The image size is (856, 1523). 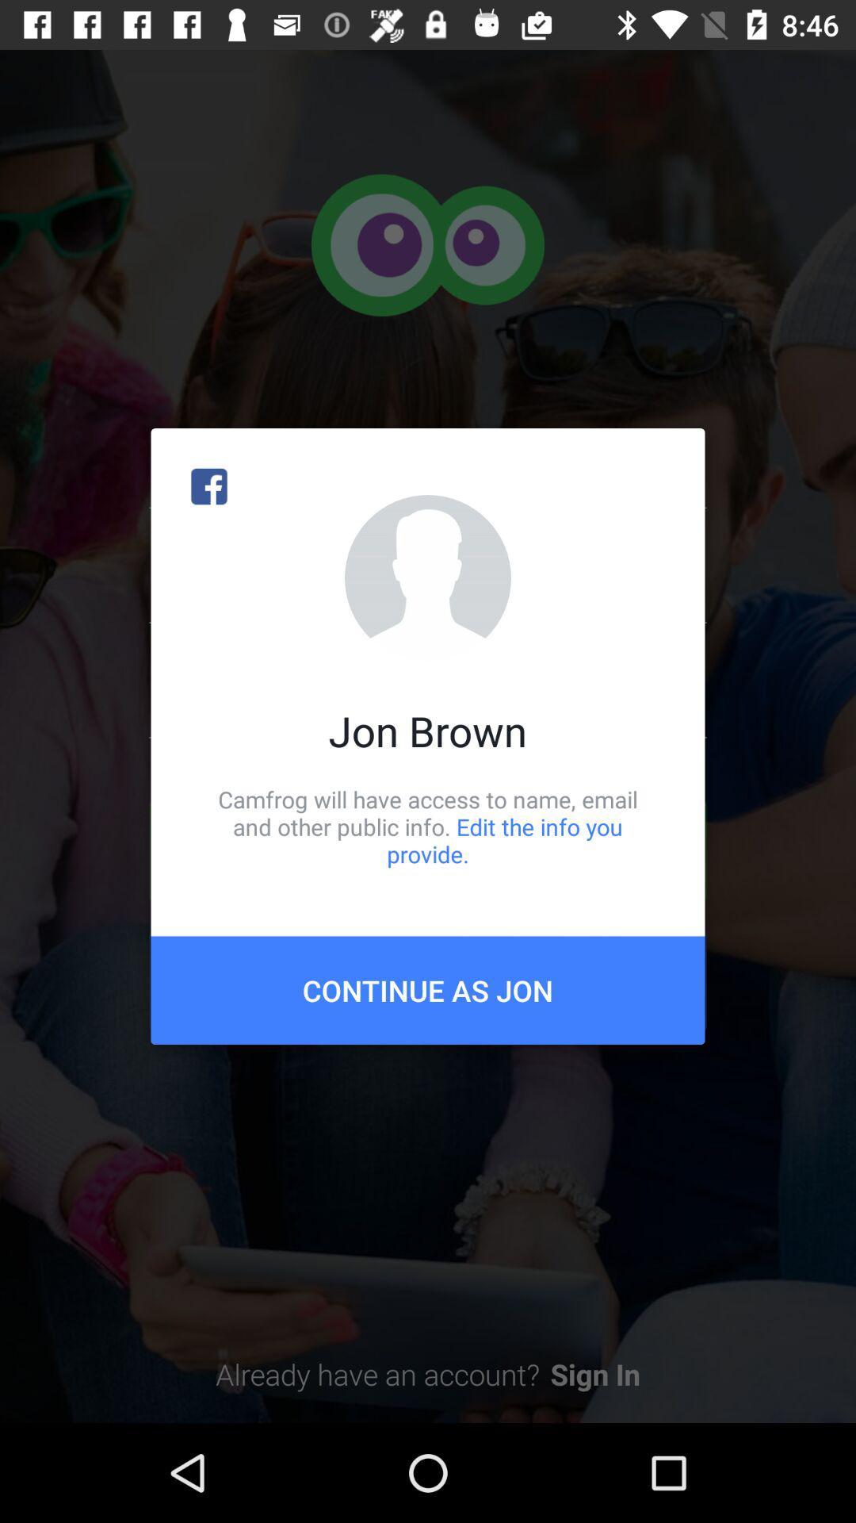 What do you see at coordinates (428, 989) in the screenshot?
I see `continue as jon` at bounding box center [428, 989].